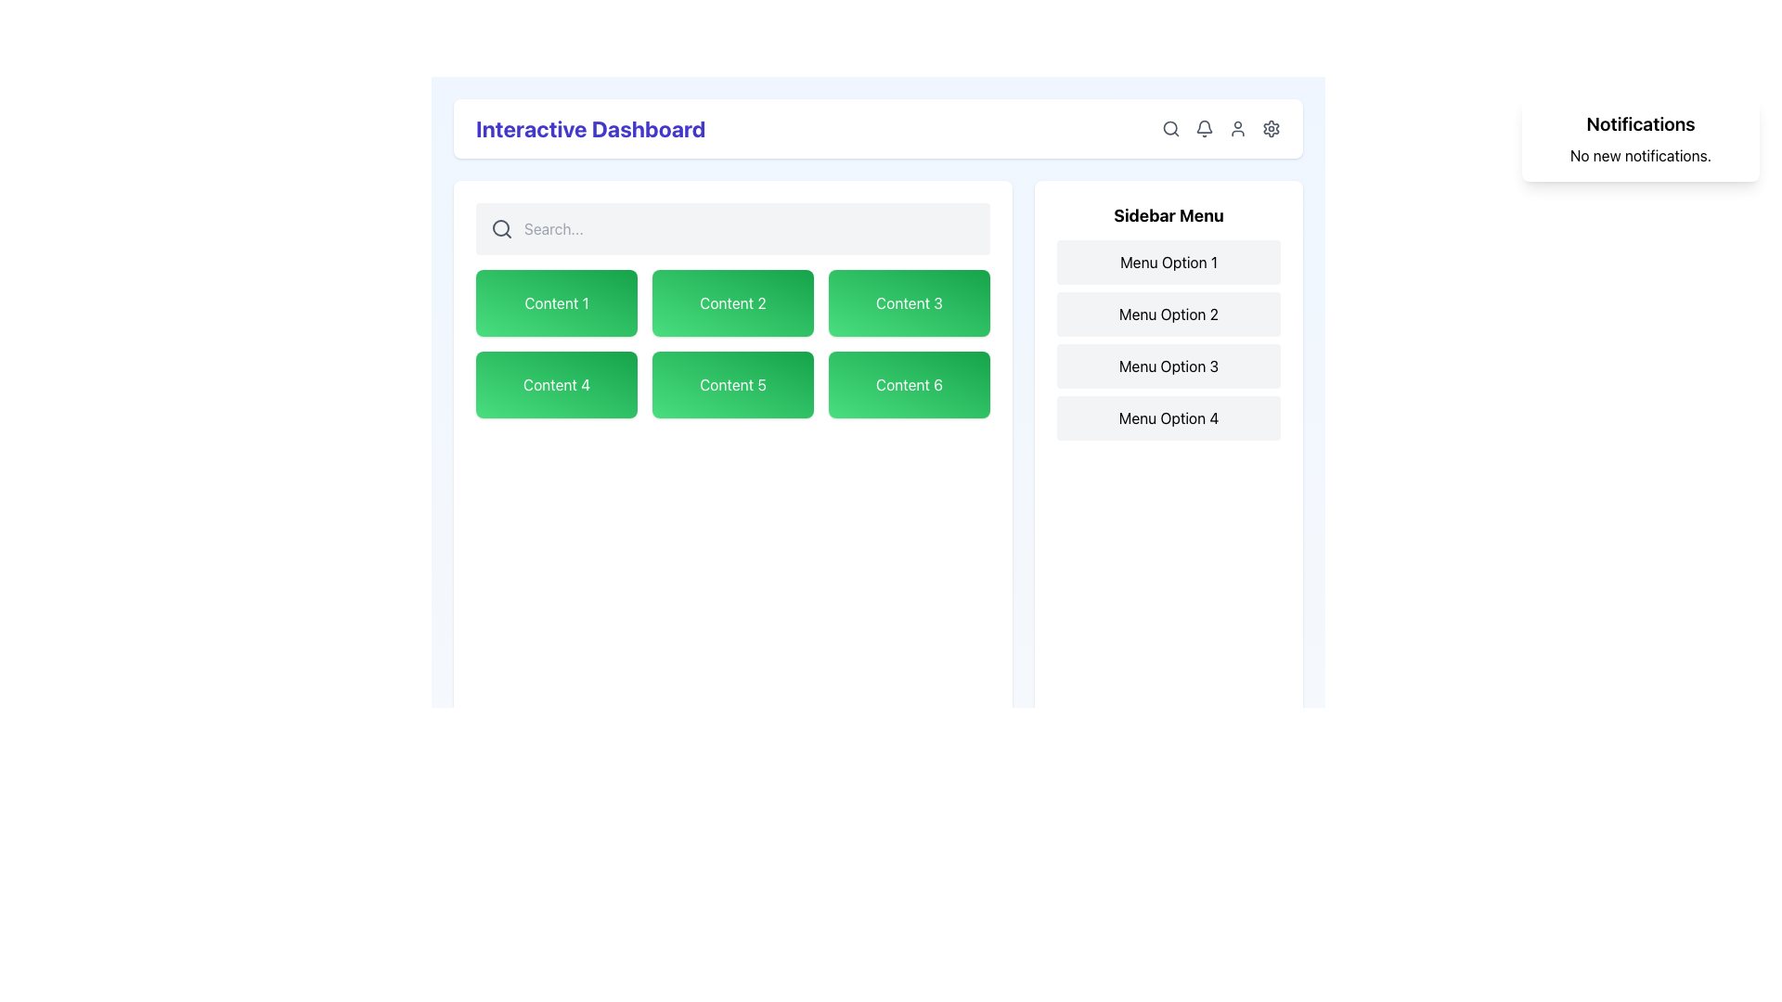 The image size is (1782, 1002). Describe the element at coordinates (1170, 127) in the screenshot. I see `the first icon button in the top navigation bar to initiate a search action` at that location.